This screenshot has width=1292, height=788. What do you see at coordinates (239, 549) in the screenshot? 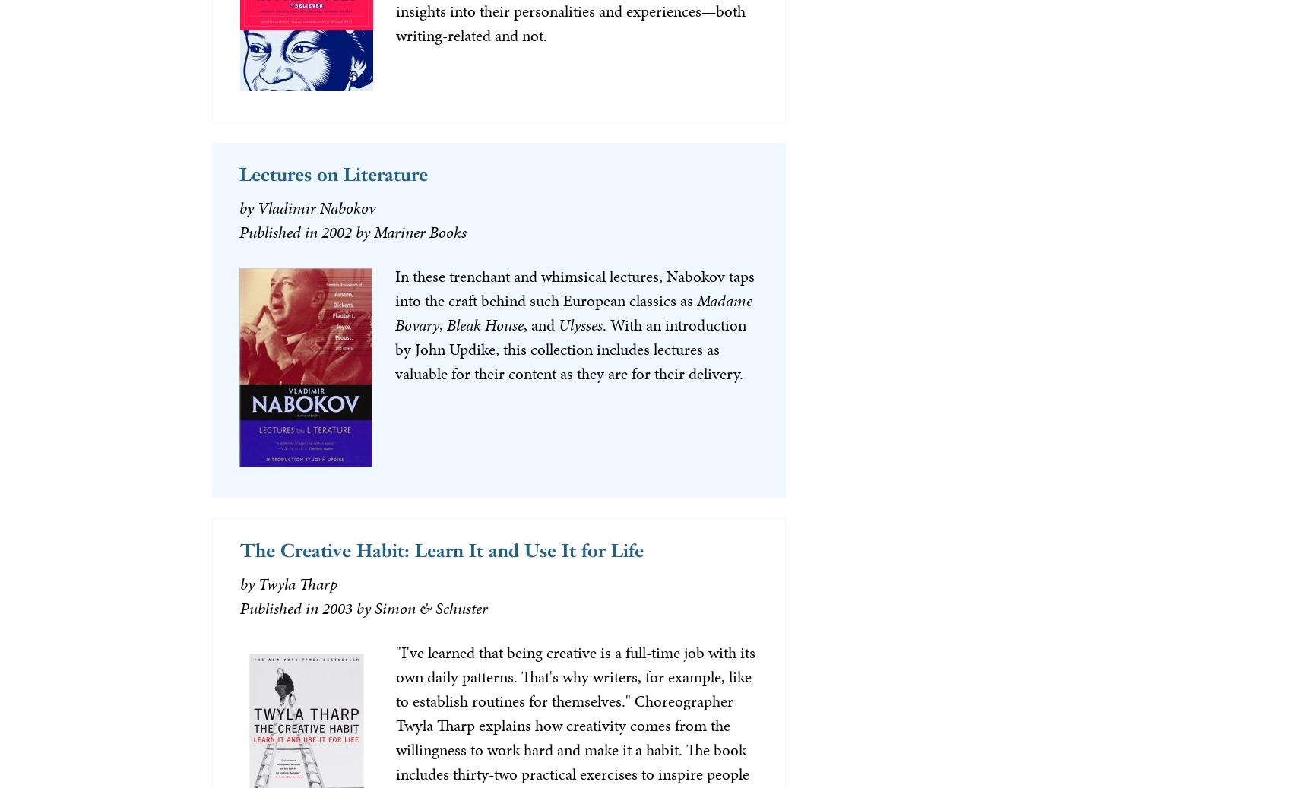
I see `'The Creative Habit: Learn It and Use It for Life'` at bounding box center [239, 549].